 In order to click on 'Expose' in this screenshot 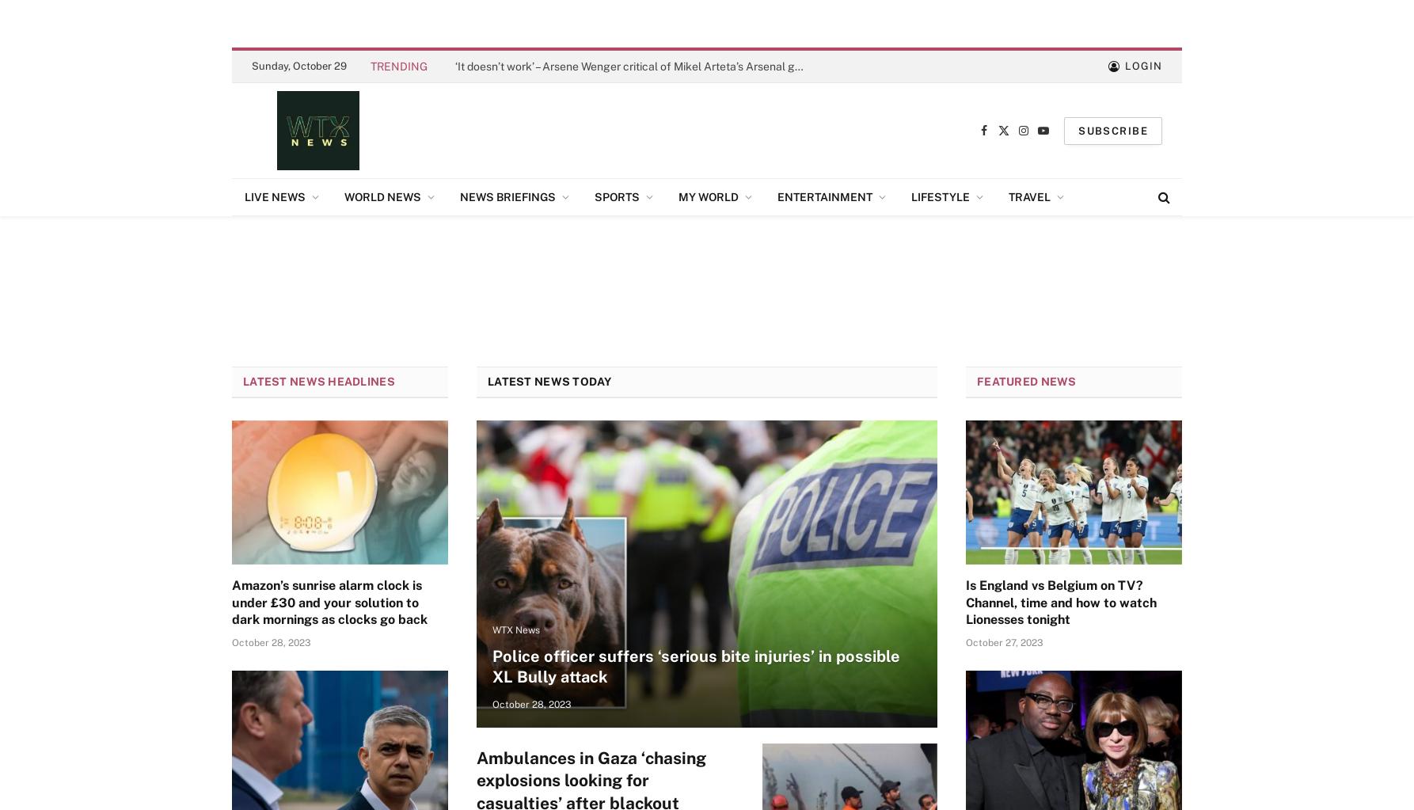, I will do `click(701, 300)`.